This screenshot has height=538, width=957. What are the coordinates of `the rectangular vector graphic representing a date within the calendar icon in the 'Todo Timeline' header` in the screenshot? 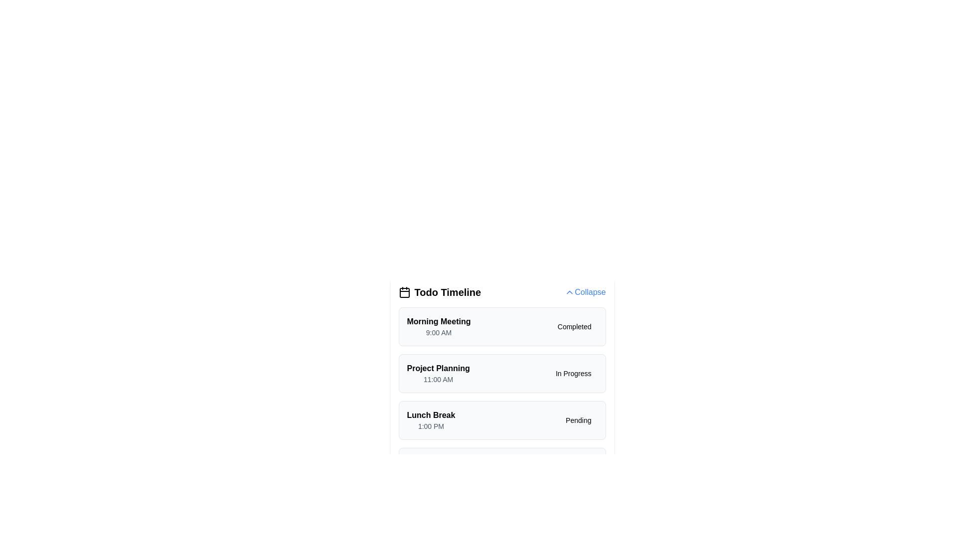 It's located at (404, 292).